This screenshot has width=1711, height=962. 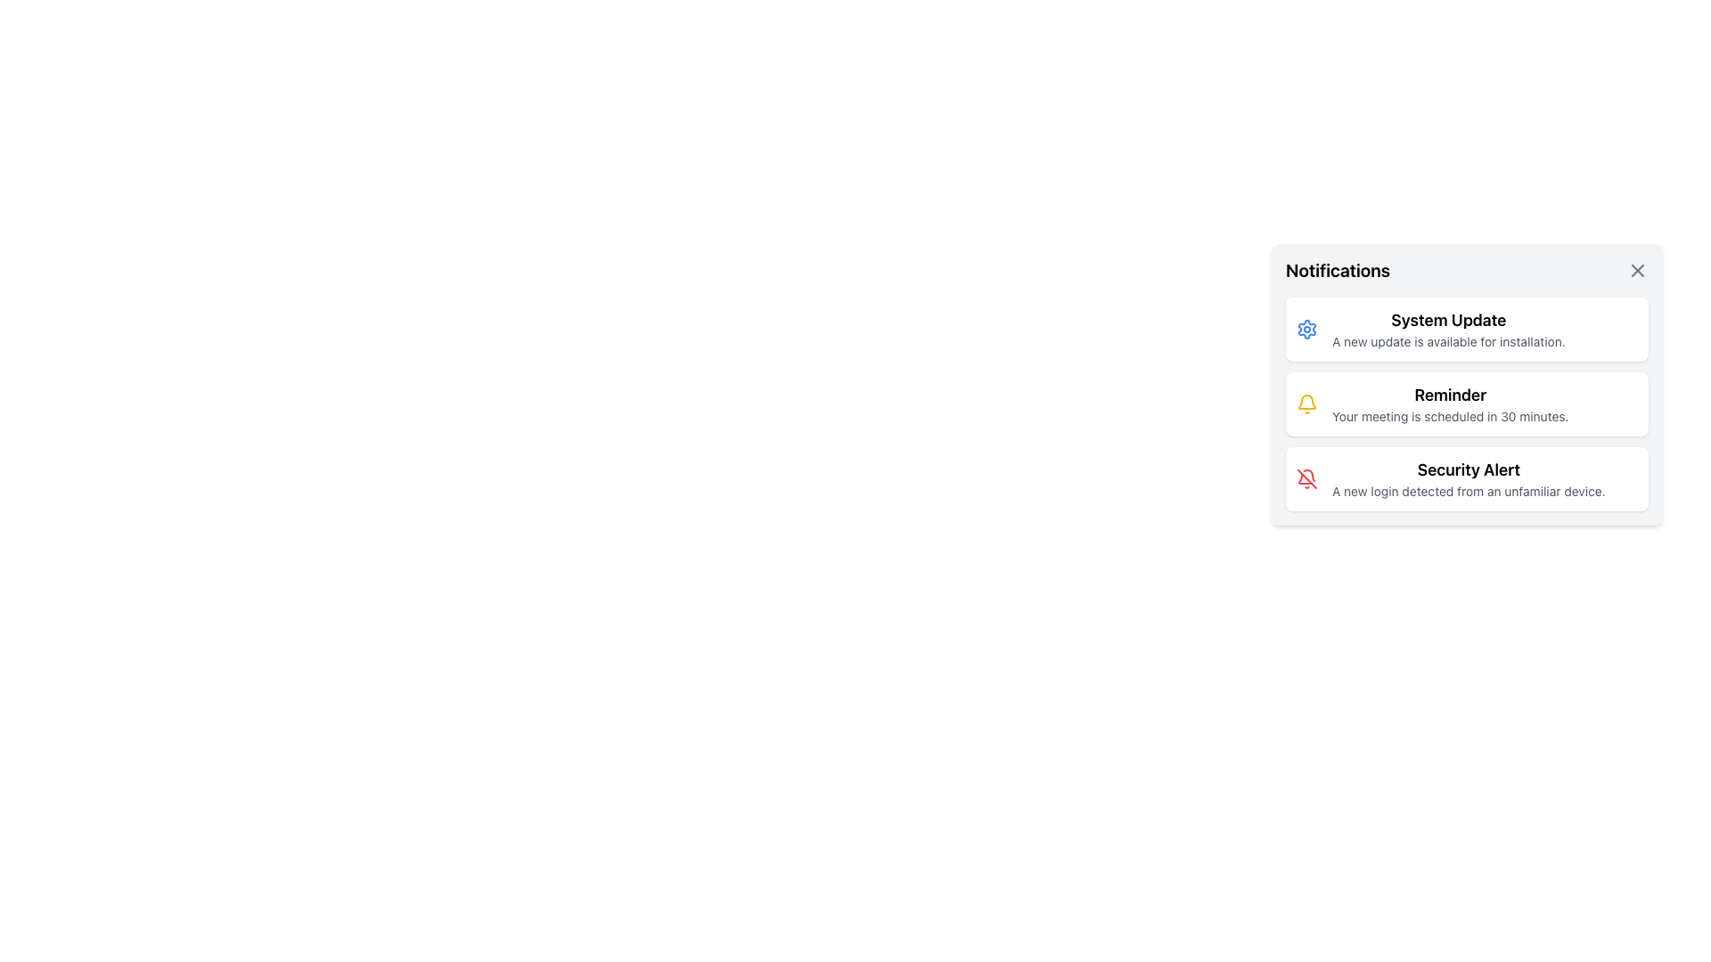 I want to click on the notification text label indicating a new system update, which is the first item in the vertically stacked list of notifications in the upper section of the notifications panel, so click(x=1448, y=330).